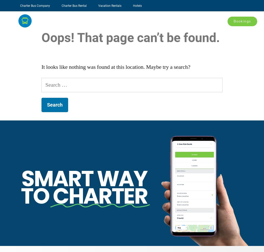  I want to click on 'TO', so click(36, 196).